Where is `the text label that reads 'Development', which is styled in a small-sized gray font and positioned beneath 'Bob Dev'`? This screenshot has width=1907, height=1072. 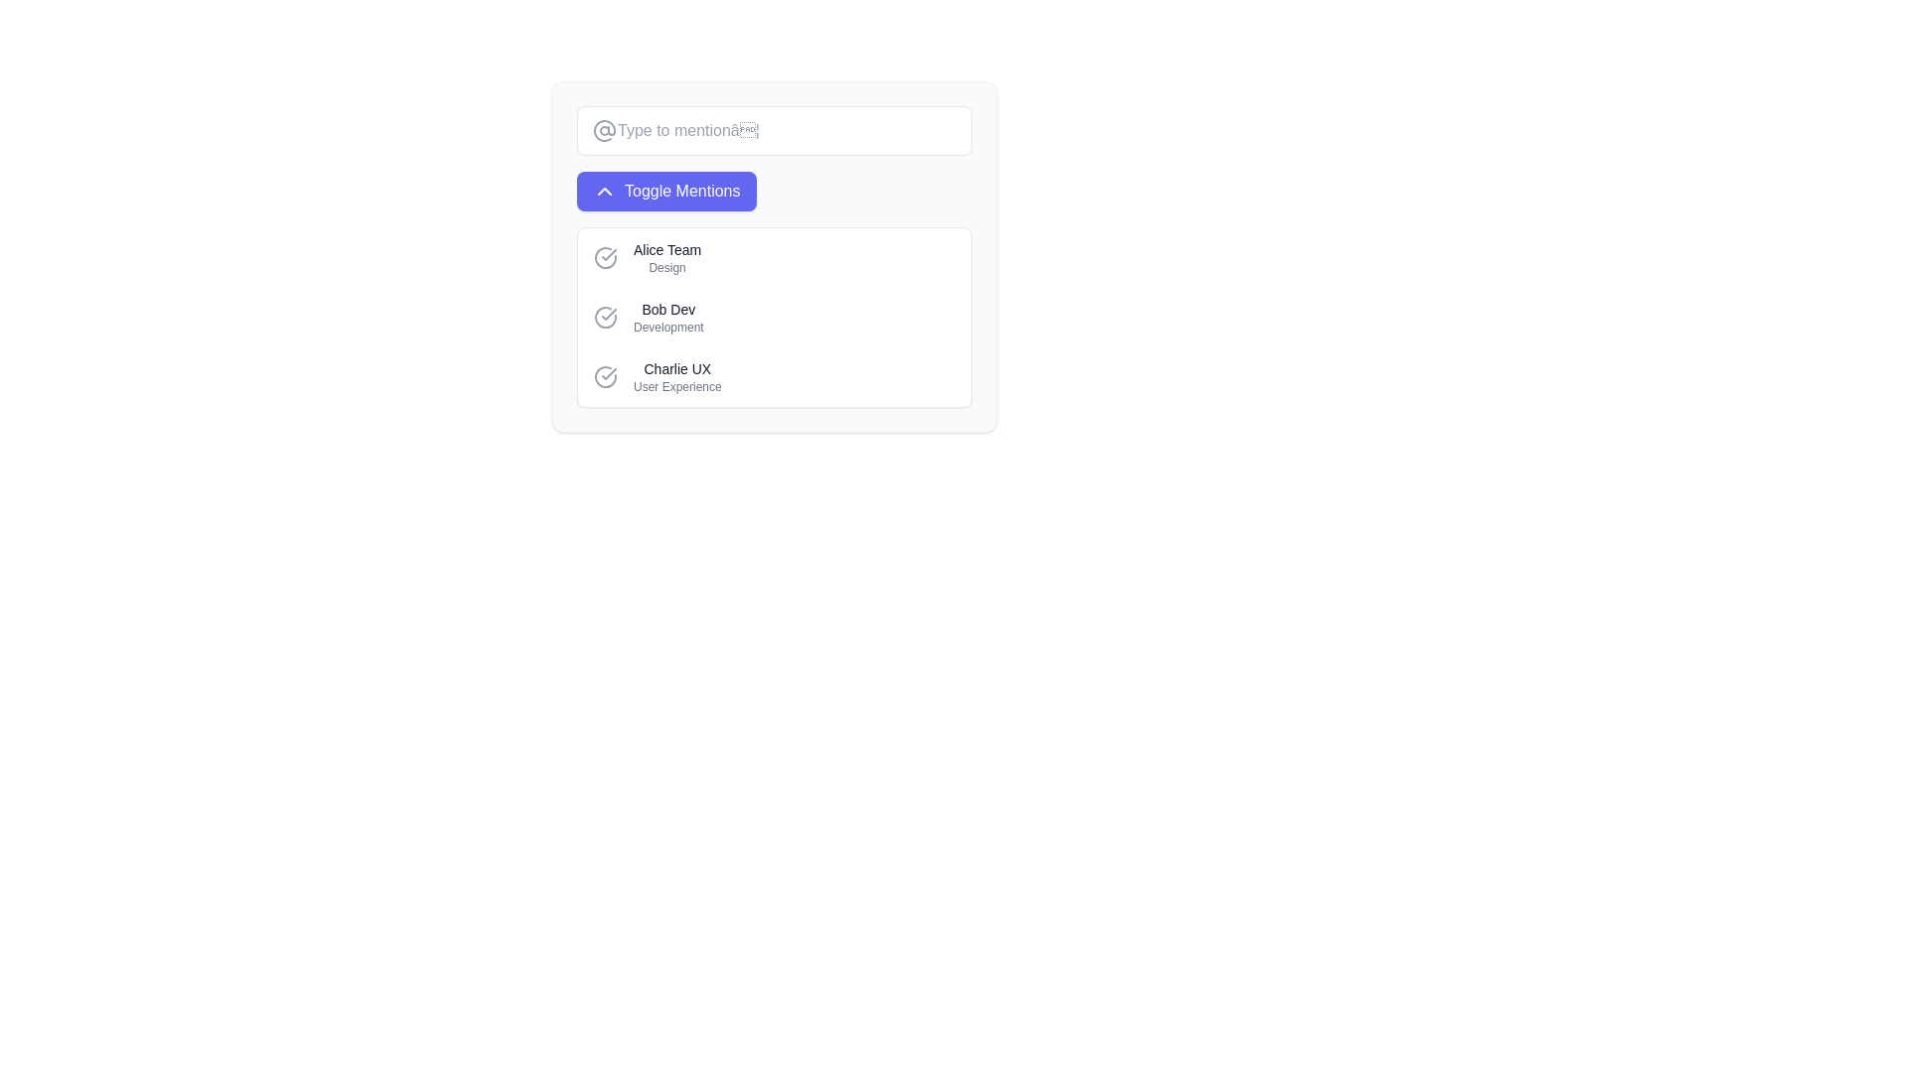
the text label that reads 'Development', which is styled in a small-sized gray font and positioned beneath 'Bob Dev' is located at coordinates (668, 327).